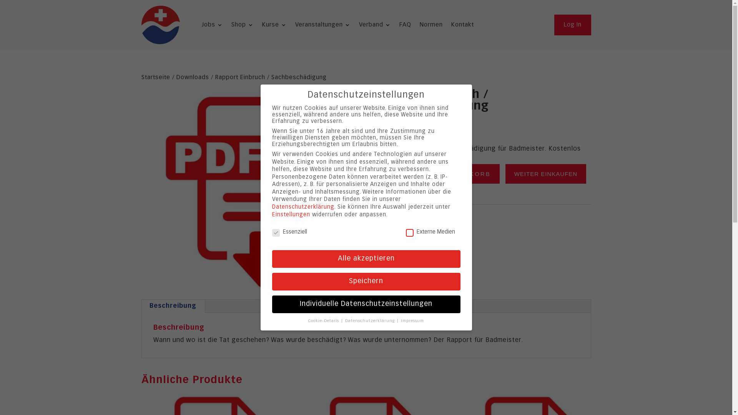  Describe the element at coordinates (572, 25) in the screenshot. I see `'Log In'` at that location.